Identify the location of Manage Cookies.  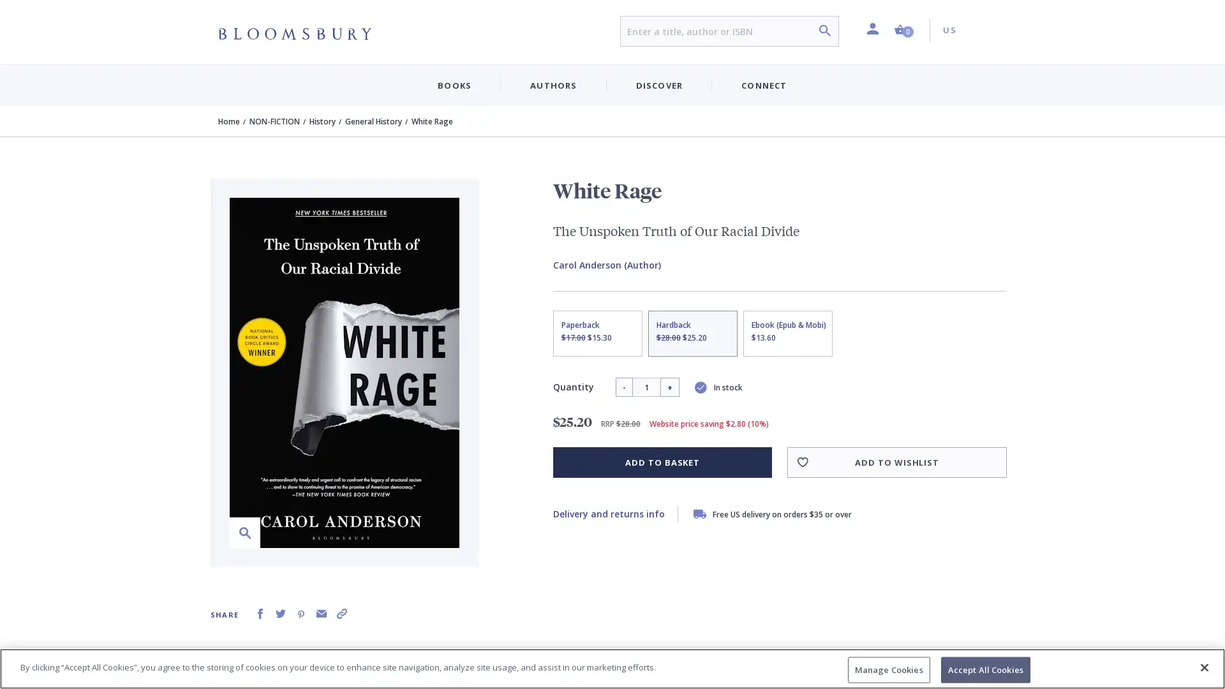
(887, 669).